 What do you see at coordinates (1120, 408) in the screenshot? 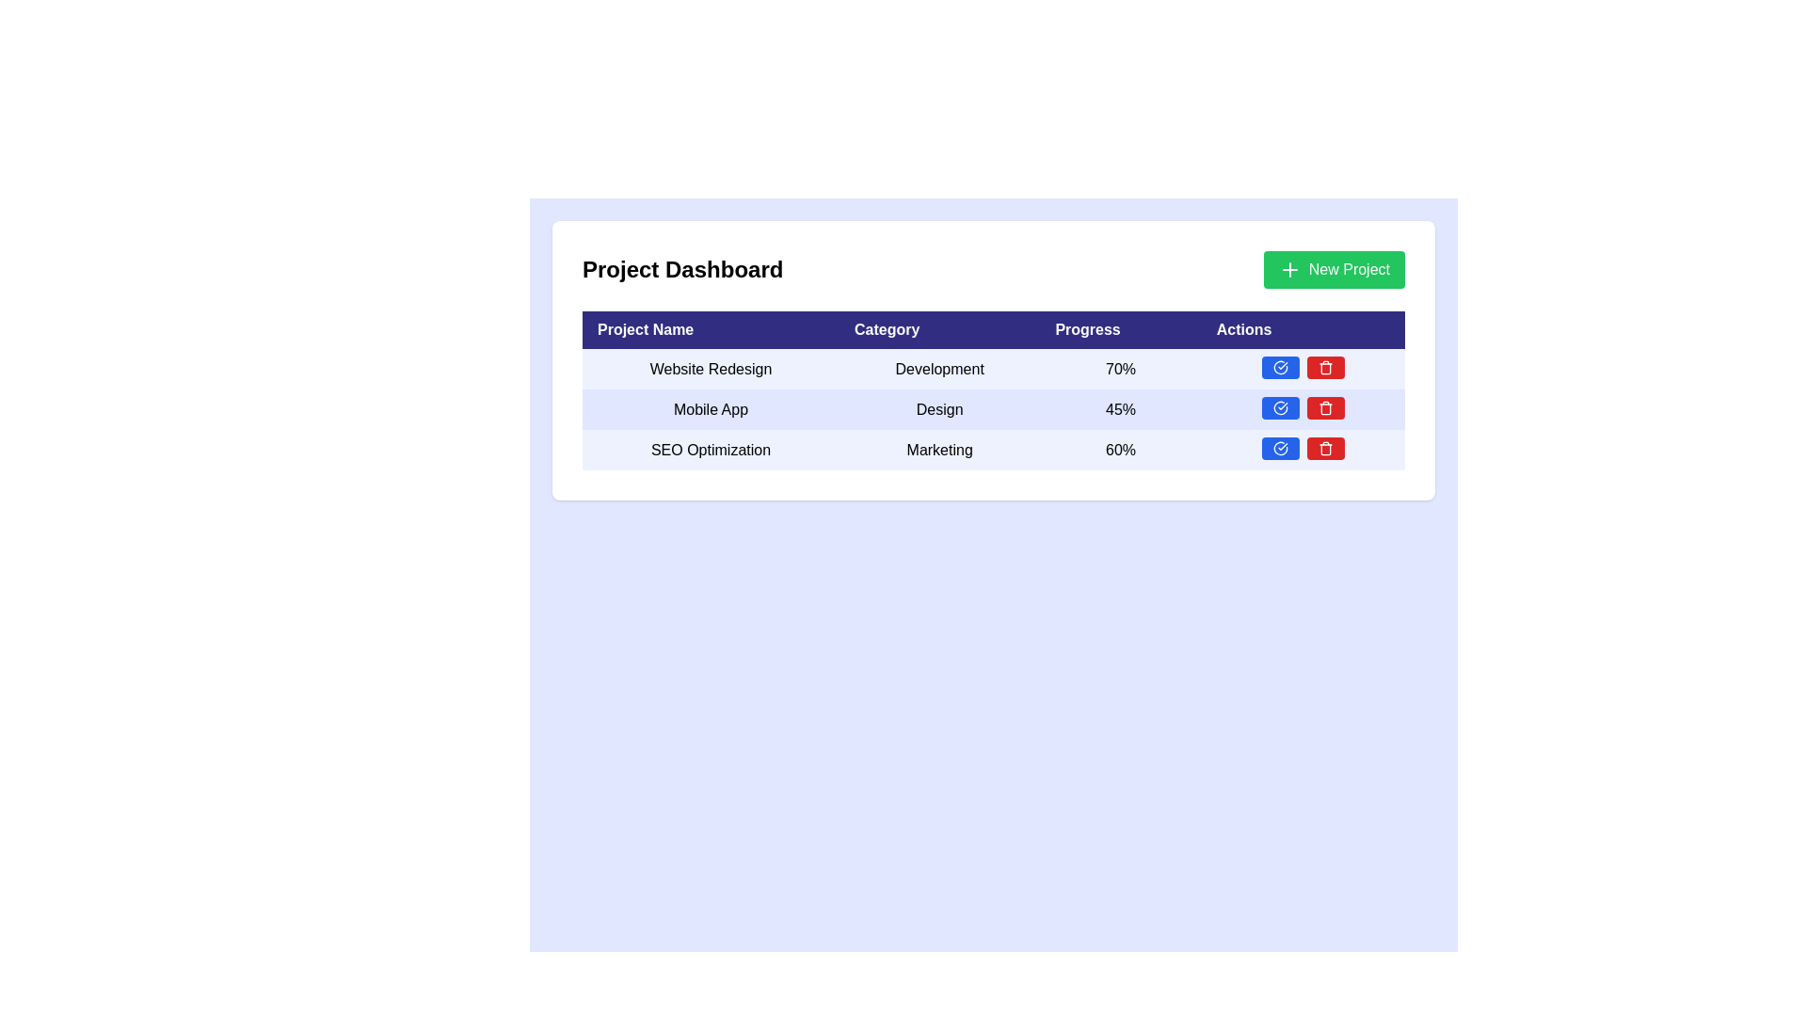
I see `the bold text displaying '45%' in black on a light blue background, which is located in the third column of the second row of a table under the 'Progress' header` at bounding box center [1120, 408].